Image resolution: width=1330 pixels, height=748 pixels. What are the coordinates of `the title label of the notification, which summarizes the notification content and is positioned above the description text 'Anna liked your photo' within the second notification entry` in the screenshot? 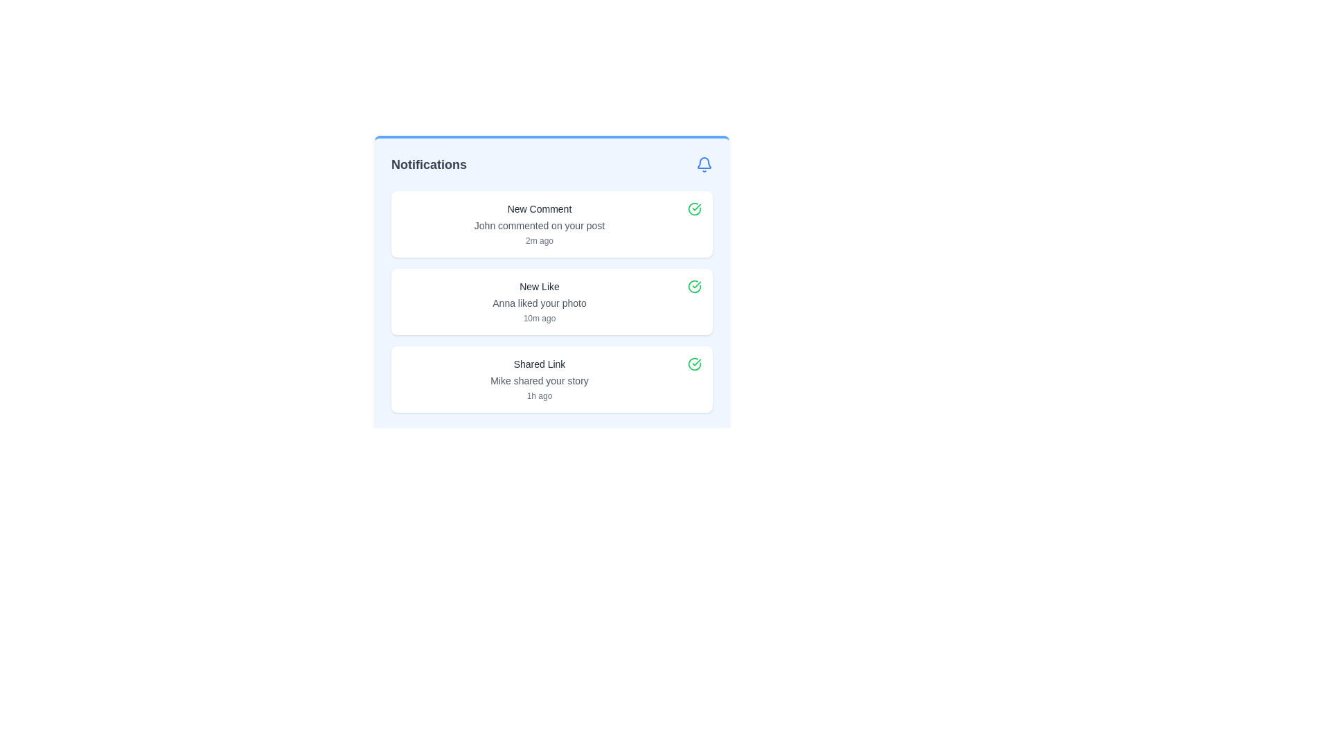 It's located at (538, 285).